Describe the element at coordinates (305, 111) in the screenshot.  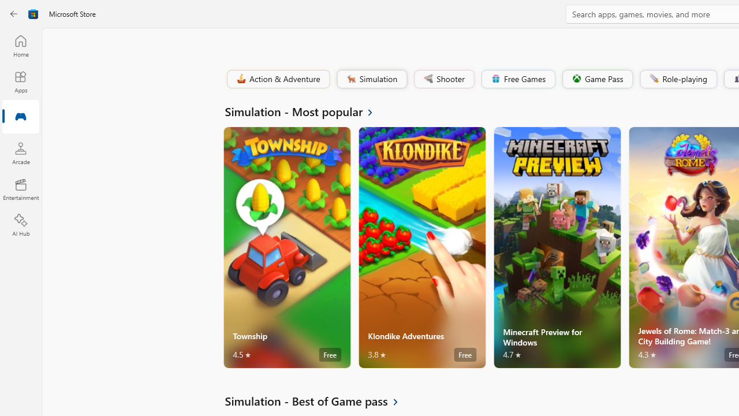
I see `'See all  Simulation - Most popular'` at that location.